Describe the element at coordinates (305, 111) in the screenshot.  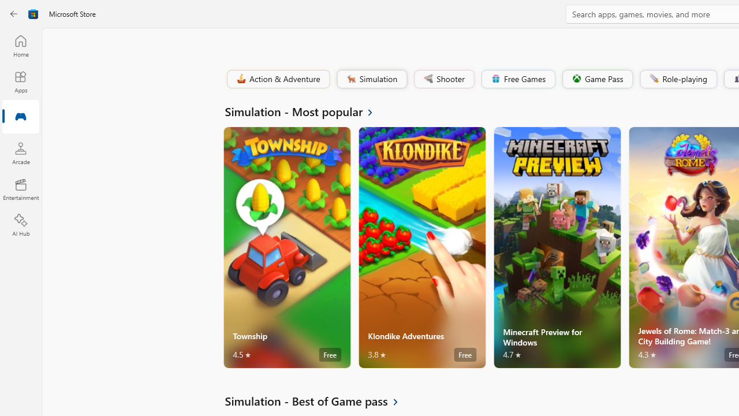
I see `'See all  Simulation - Most popular'` at that location.